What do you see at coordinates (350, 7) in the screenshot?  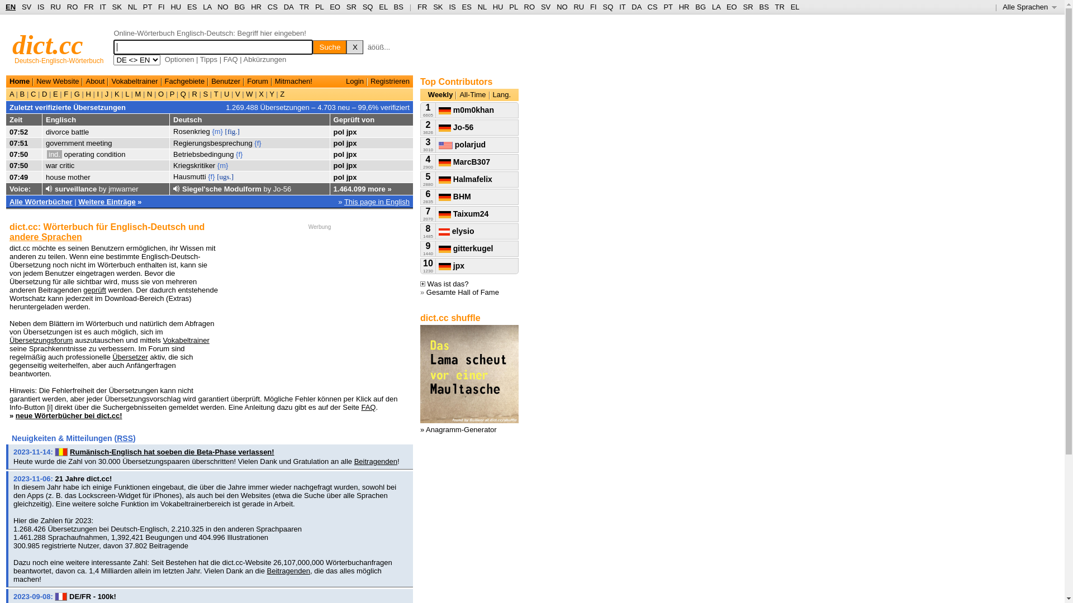 I see `'SR'` at bounding box center [350, 7].